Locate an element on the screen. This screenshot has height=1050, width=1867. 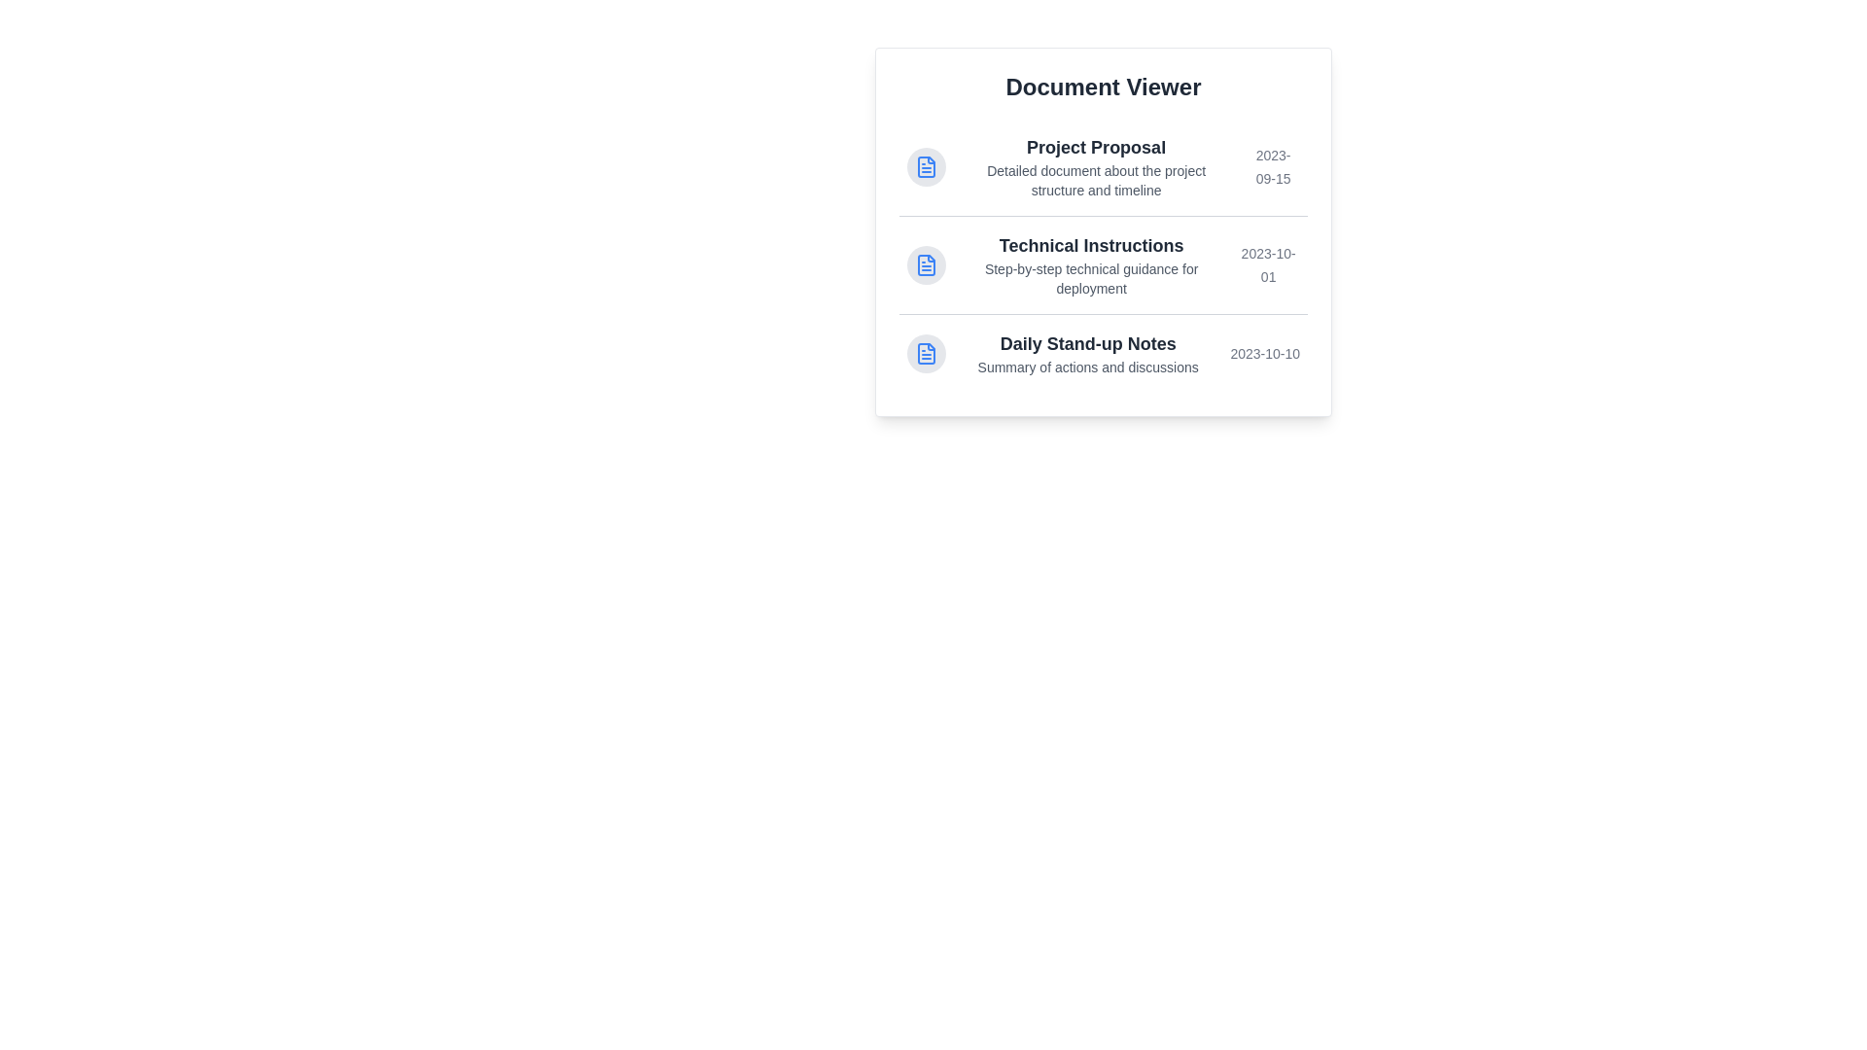
the icon next to the document titled Technical Instructions is located at coordinates (926, 265).